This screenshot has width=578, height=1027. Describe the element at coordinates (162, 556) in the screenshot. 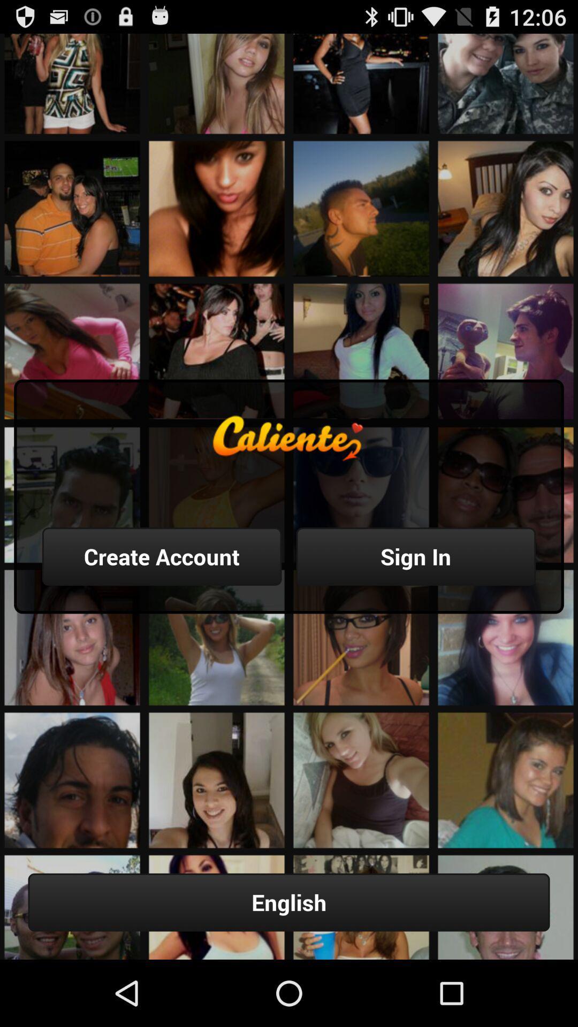

I see `create account icon` at that location.